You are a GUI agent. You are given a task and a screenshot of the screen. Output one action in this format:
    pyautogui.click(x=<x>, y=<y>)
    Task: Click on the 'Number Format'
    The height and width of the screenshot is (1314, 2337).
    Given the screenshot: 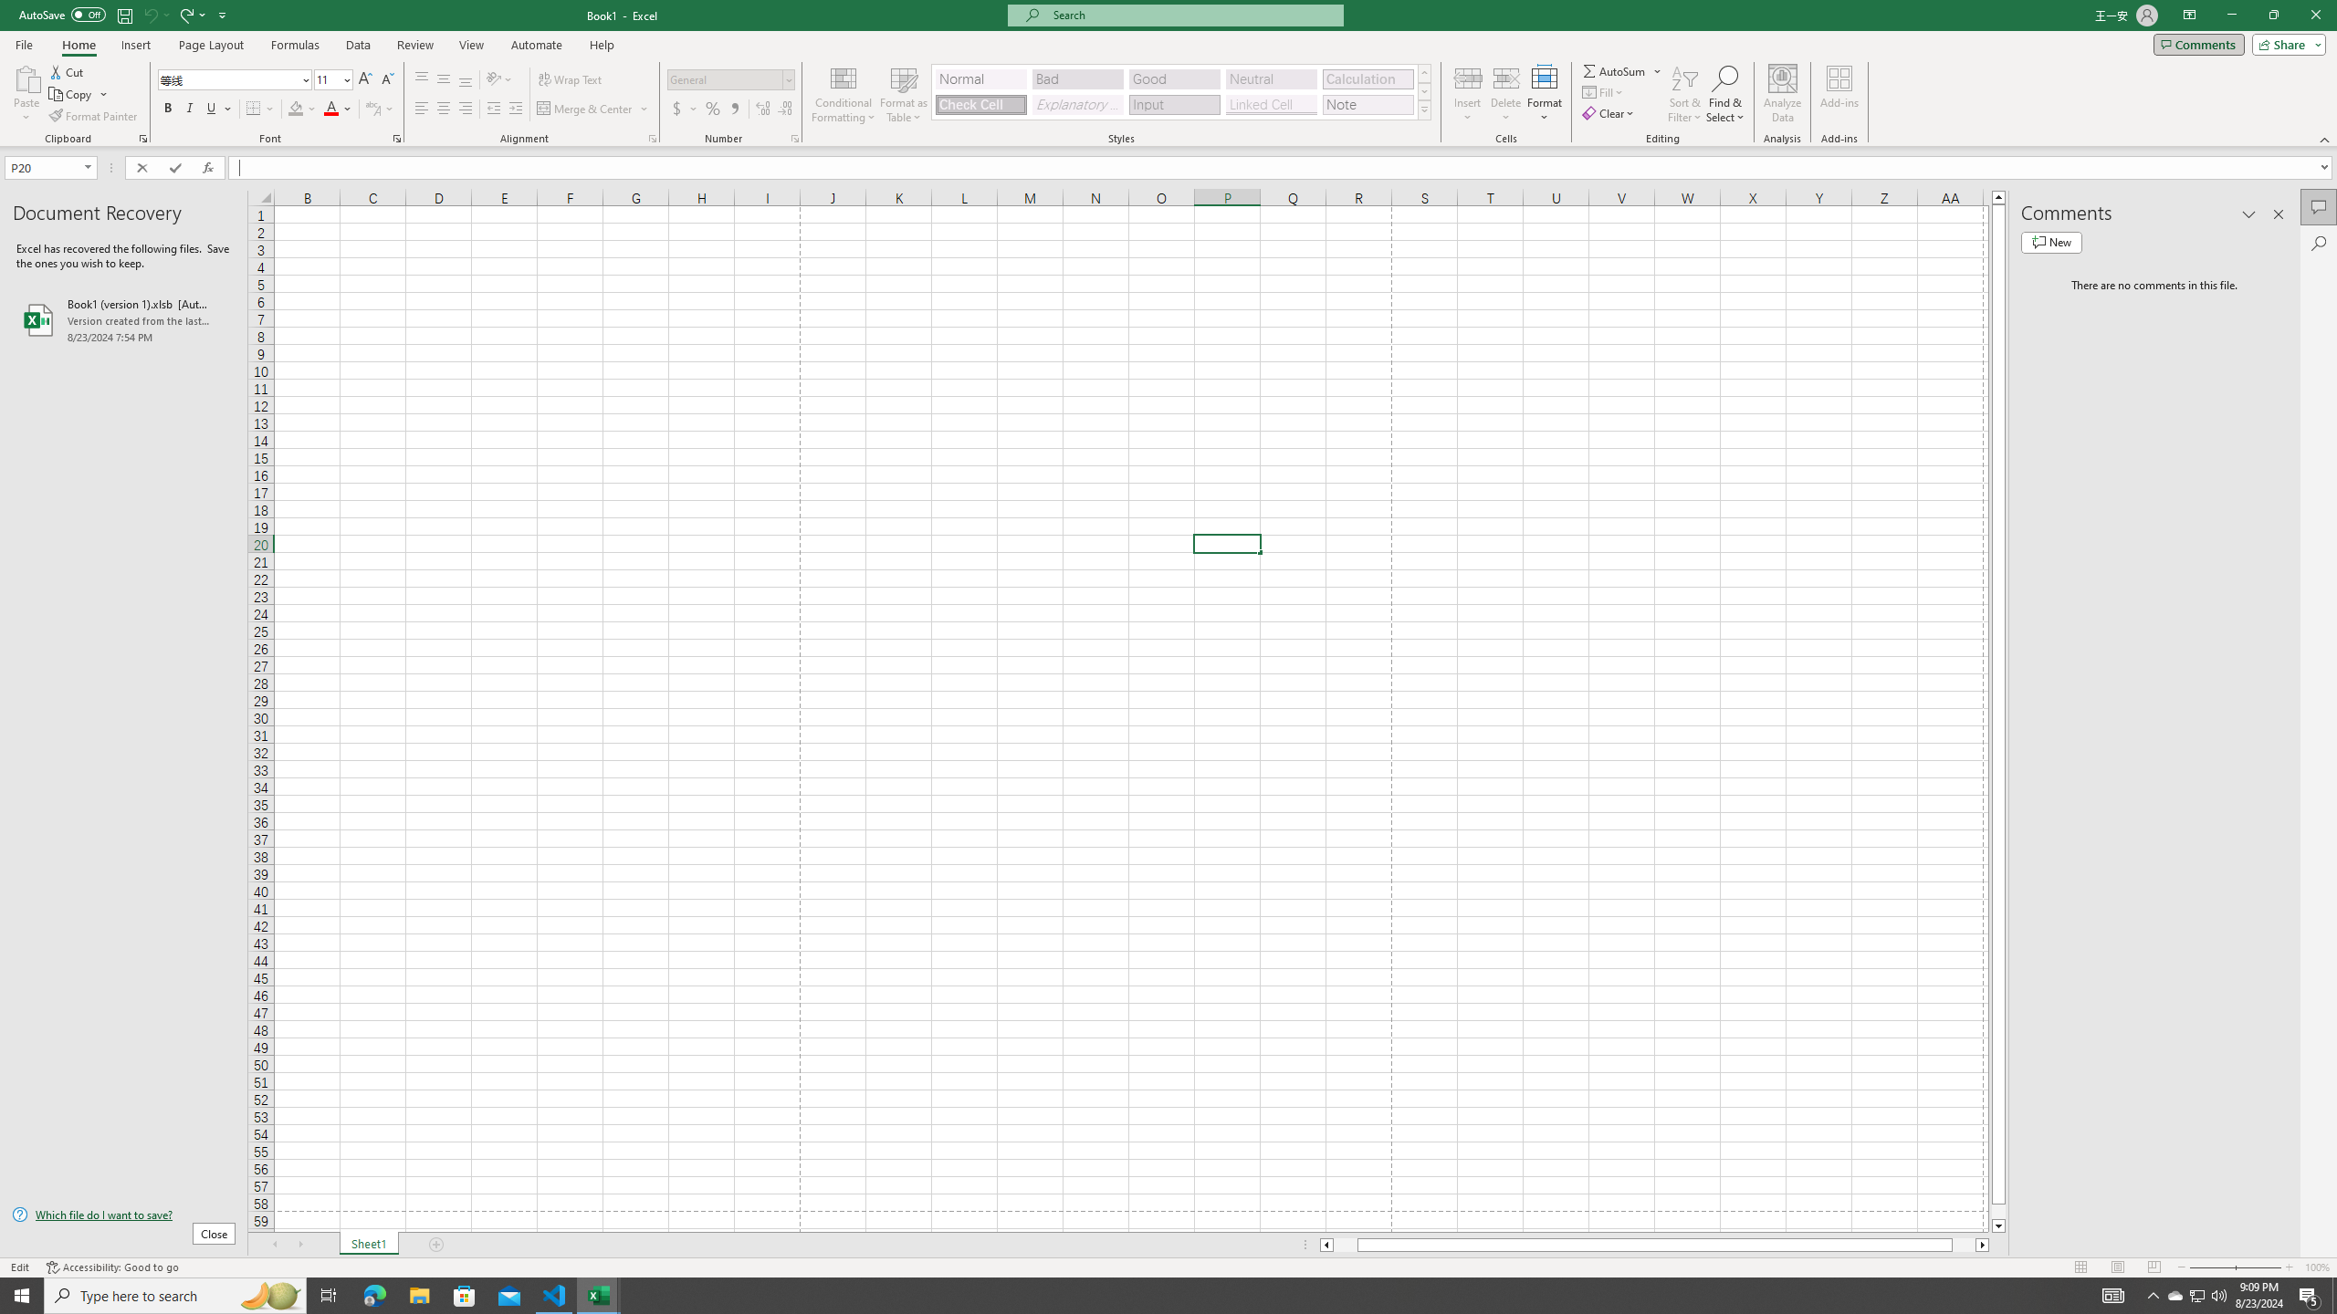 What is the action you would take?
    pyautogui.click(x=730, y=79)
    